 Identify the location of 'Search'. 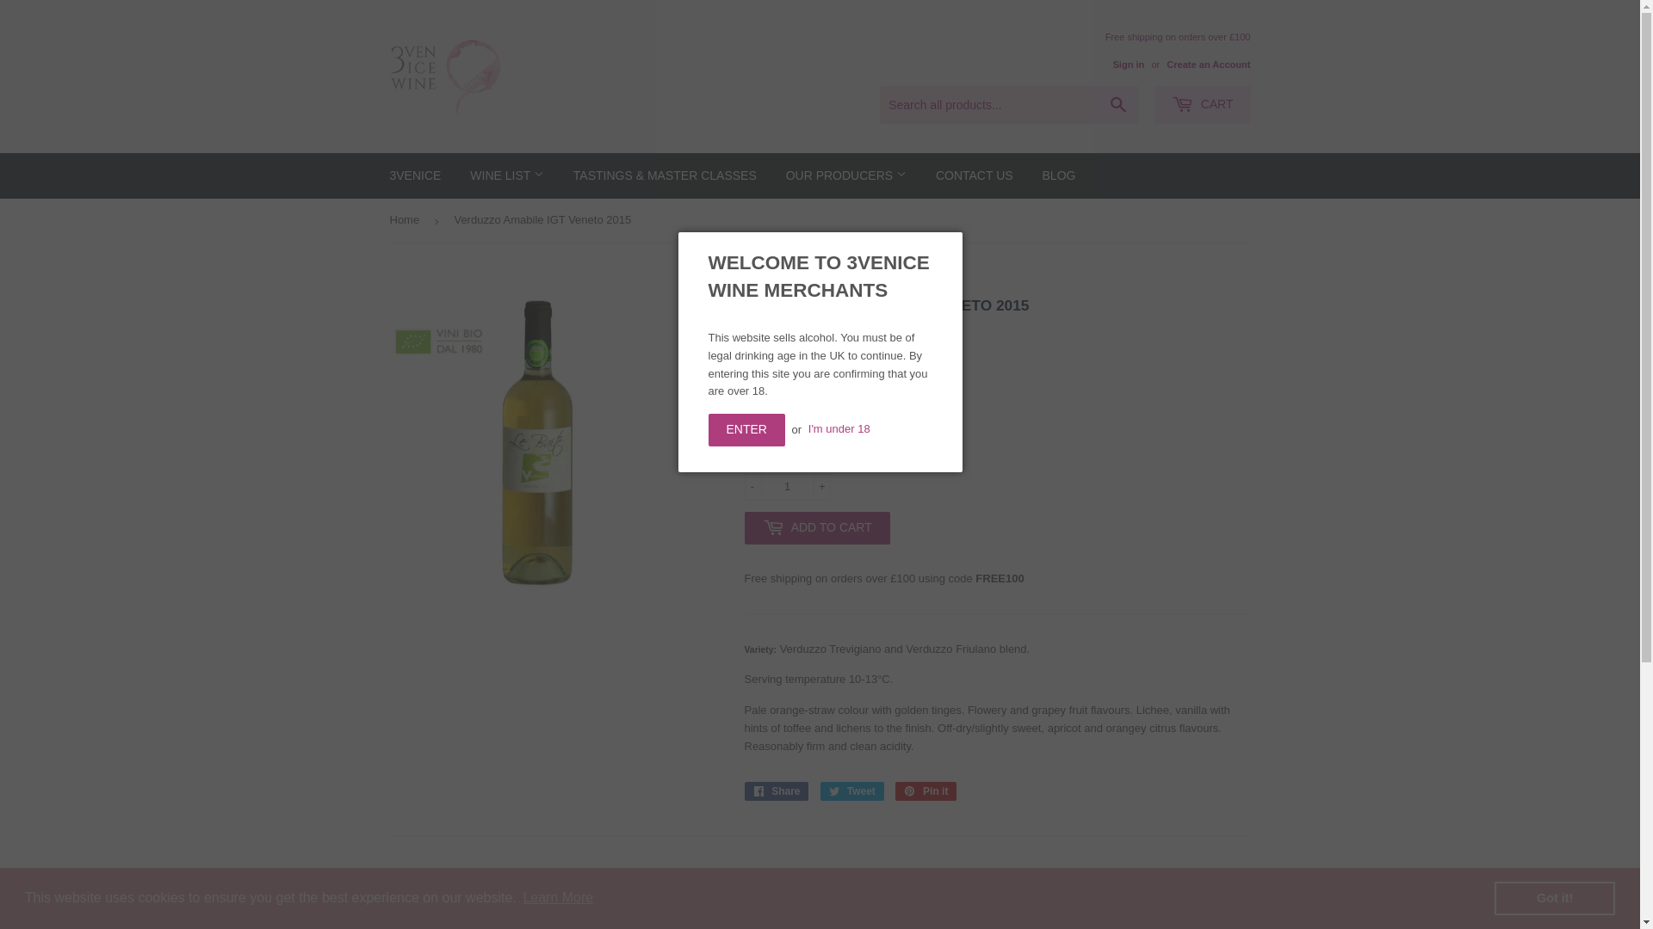
(1118, 106).